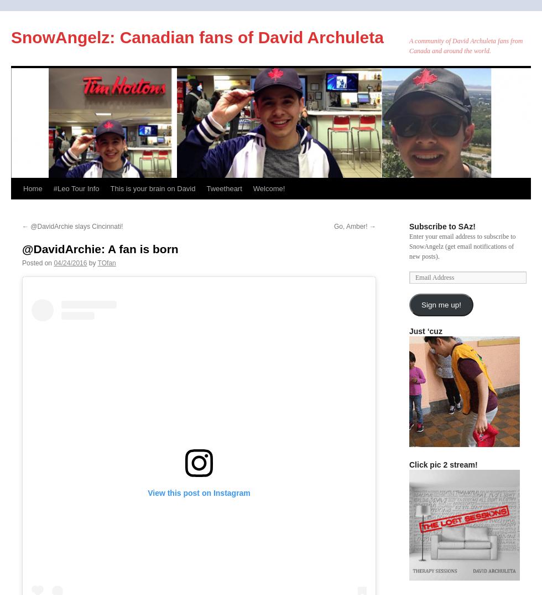 This screenshot has height=595, width=542. What do you see at coordinates (425, 331) in the screenshot?
I see `'Just ‘cuz'` at bounding box center [425, 331].